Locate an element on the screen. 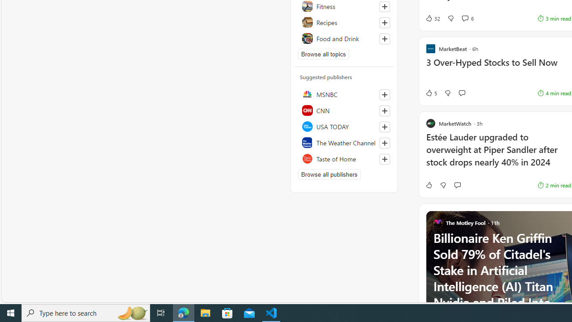 This screenshot has width=572, height=322. 'View comments 6 Comment' is located at coordinates (465, 18).